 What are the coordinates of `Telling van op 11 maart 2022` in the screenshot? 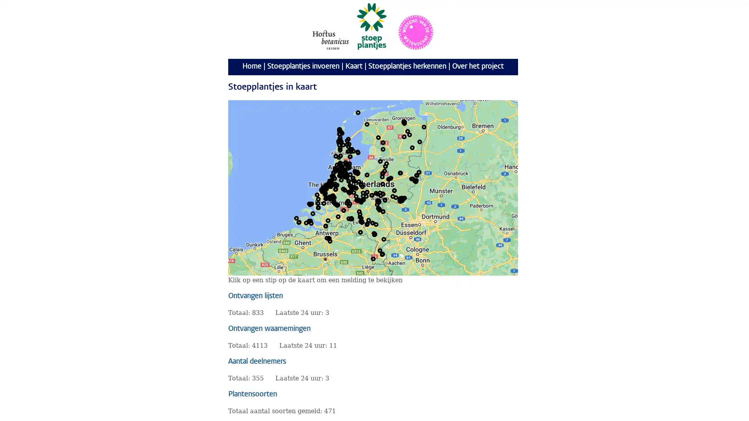 It's located at (329, 184).